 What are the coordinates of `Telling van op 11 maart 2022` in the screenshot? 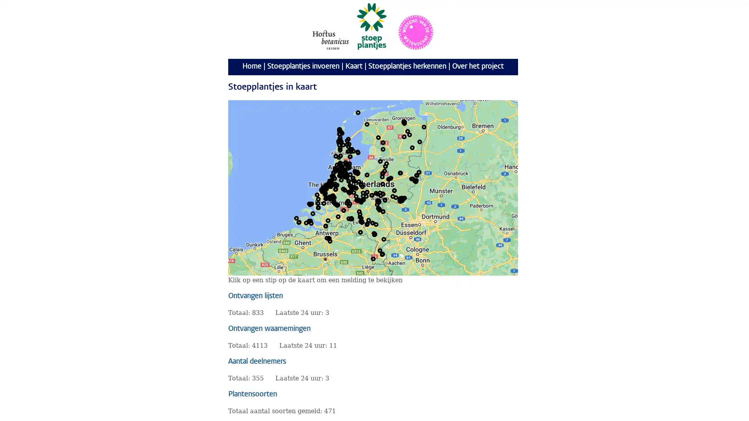 It's located at (329, 184).